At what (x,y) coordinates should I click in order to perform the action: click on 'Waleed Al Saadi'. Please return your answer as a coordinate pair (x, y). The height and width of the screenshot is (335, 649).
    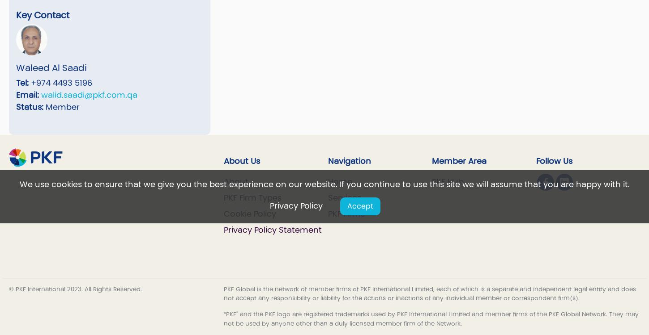
    Looking at the image, I should click on (51, 68).